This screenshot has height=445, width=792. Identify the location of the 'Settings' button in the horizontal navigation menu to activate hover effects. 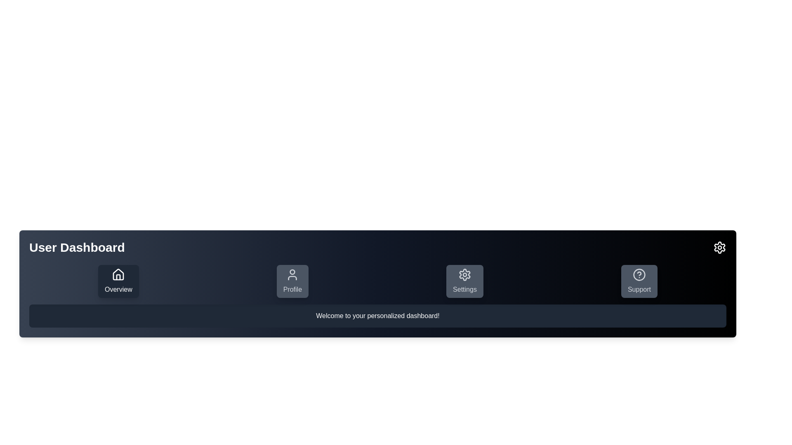
(465, 281).